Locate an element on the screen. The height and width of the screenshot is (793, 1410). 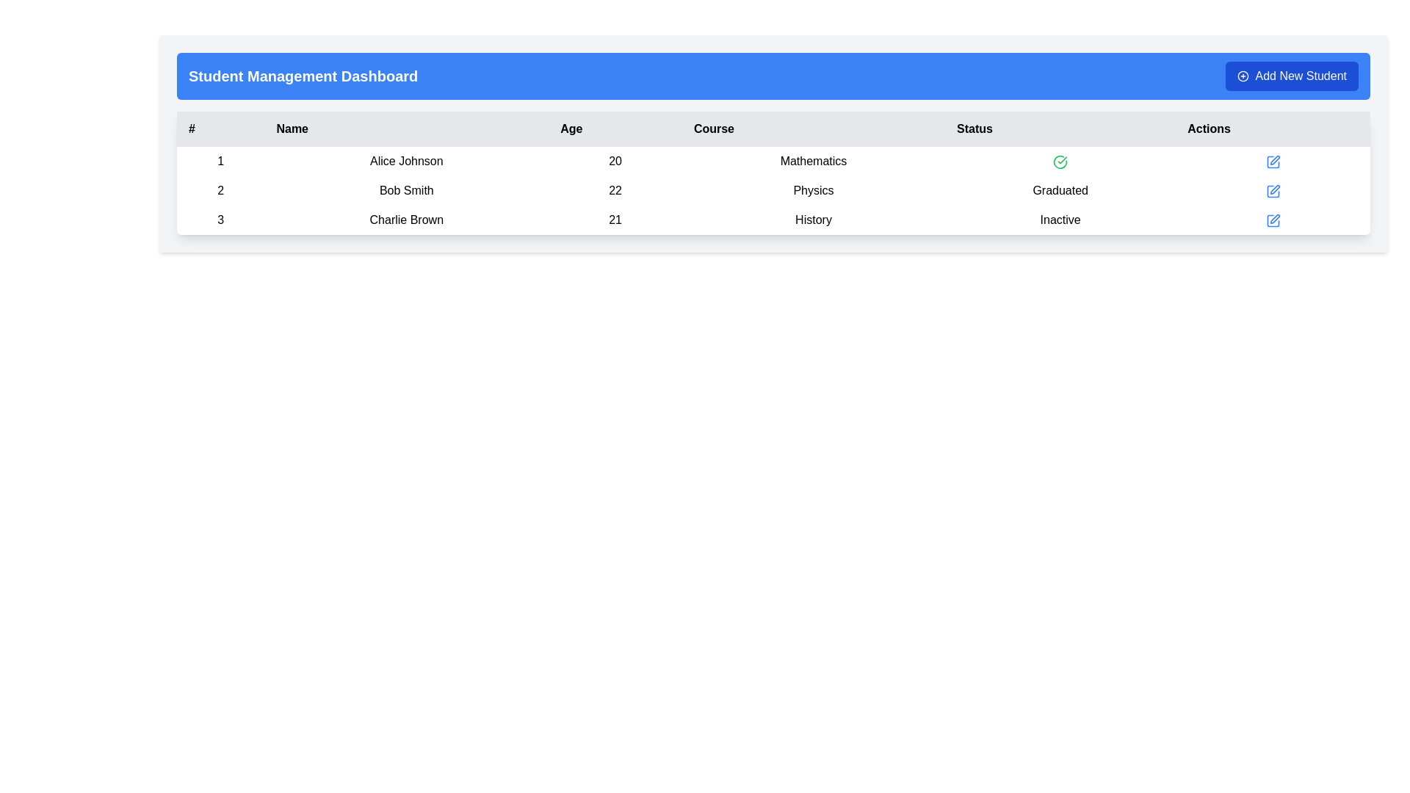
the text label in the first column of the second row in the table, which serves as an identifier or index for the row is located at coordinates (220, 189).